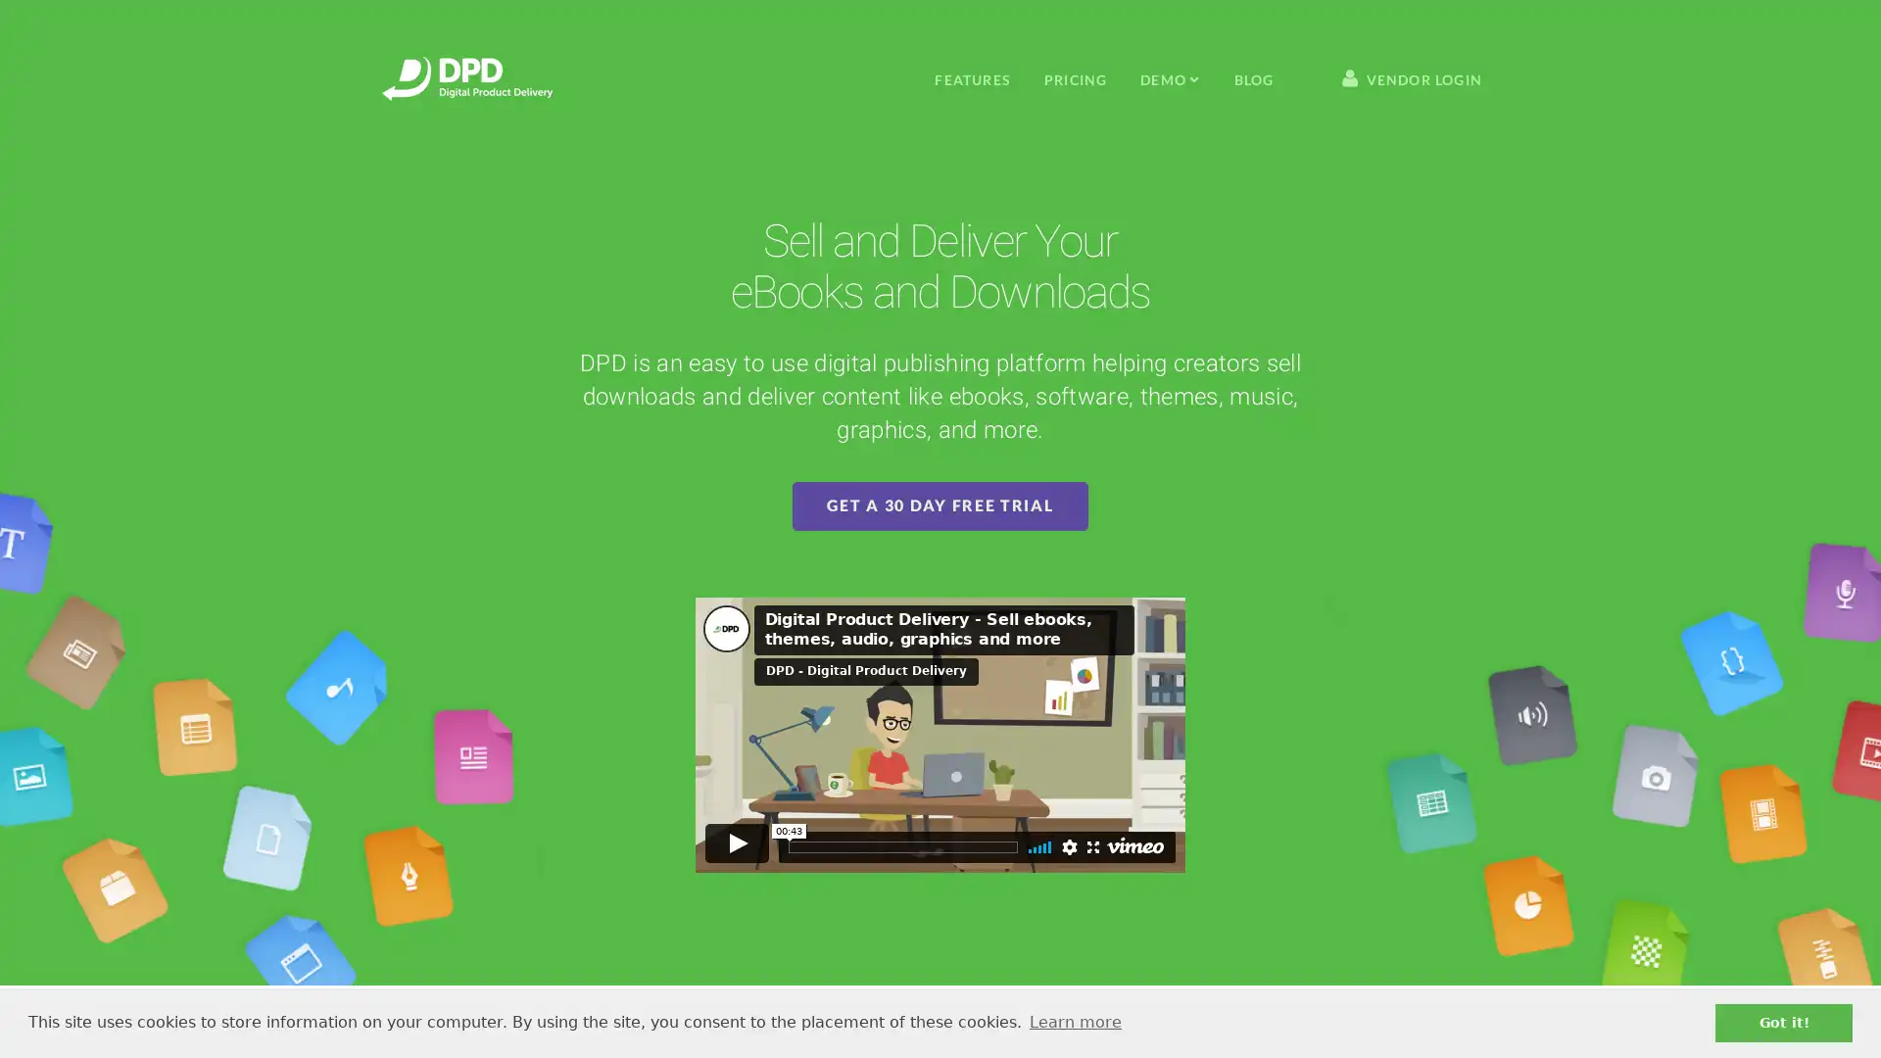 Image resolution: width=1881 pixels, height=1058 pixels. I want to click on learn more about cookies, so click(1074, 1022).